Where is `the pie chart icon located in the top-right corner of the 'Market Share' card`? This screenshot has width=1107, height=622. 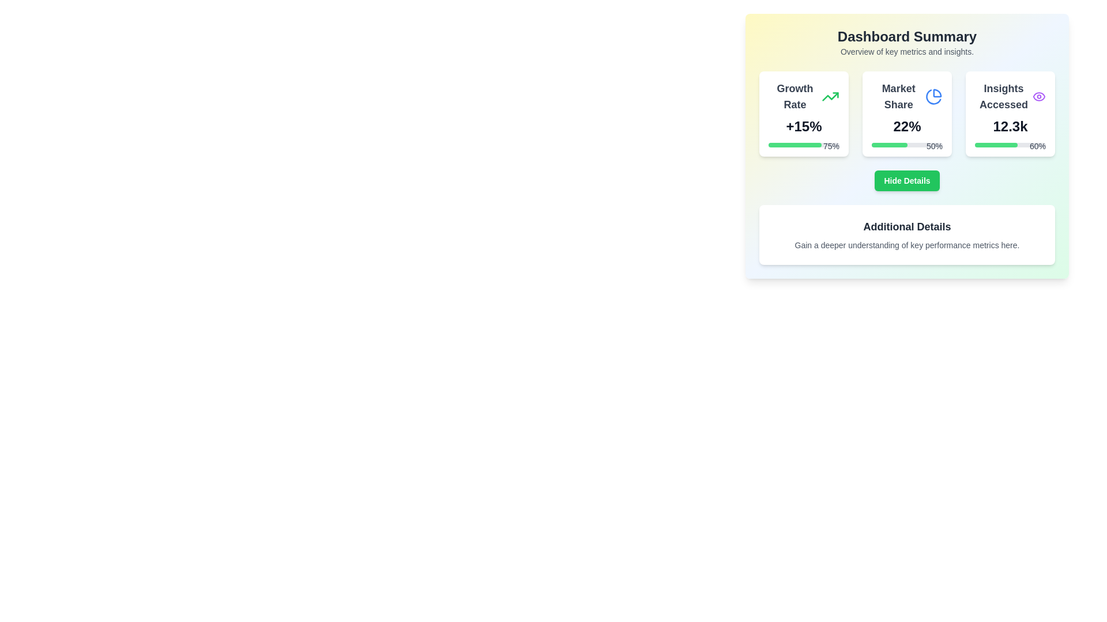
the pie chart icon located in the top-right corner of the 'Market Share' card is located at coordinates (933, 96).